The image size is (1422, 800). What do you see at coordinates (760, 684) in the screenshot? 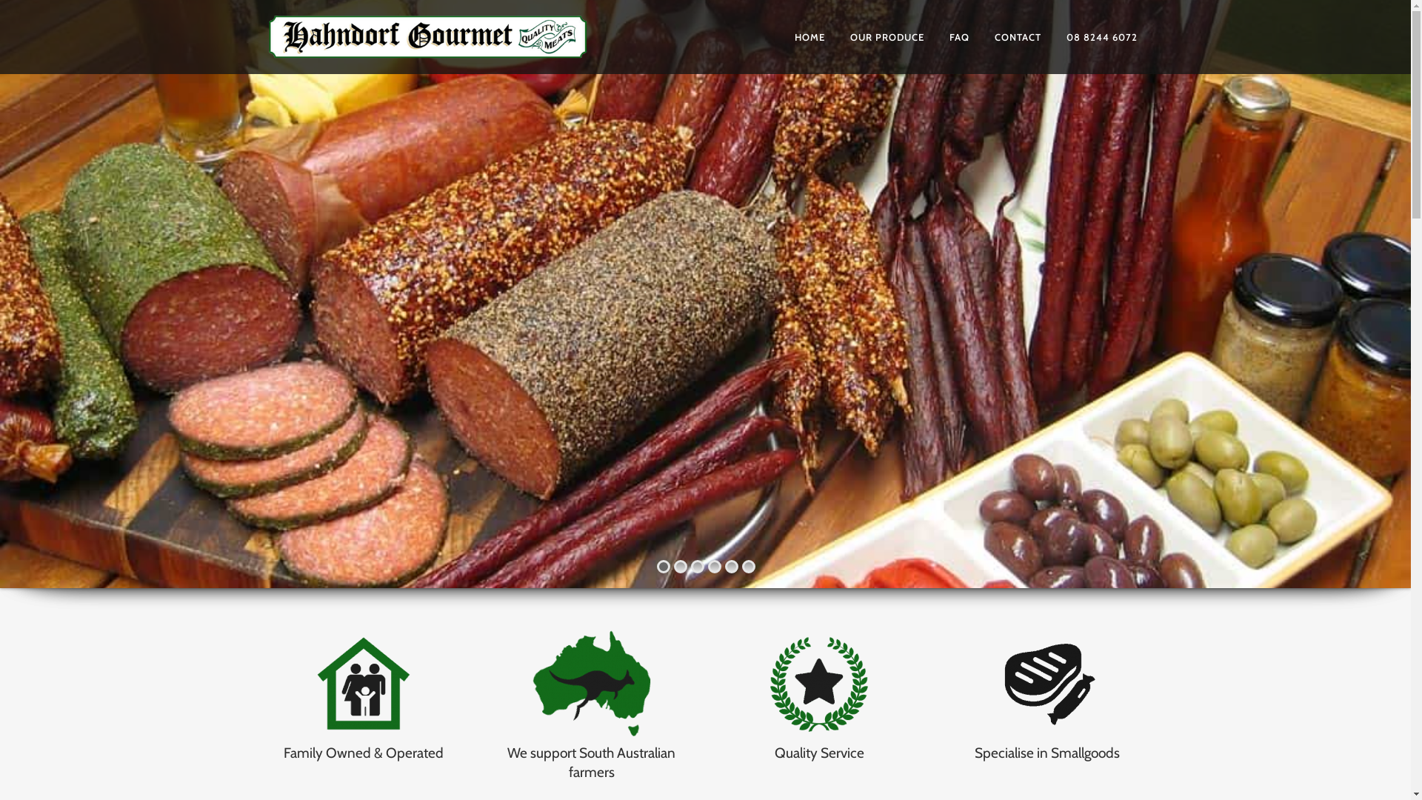
I see `'hg-pod8-01'` at bounding box center [760, 684].